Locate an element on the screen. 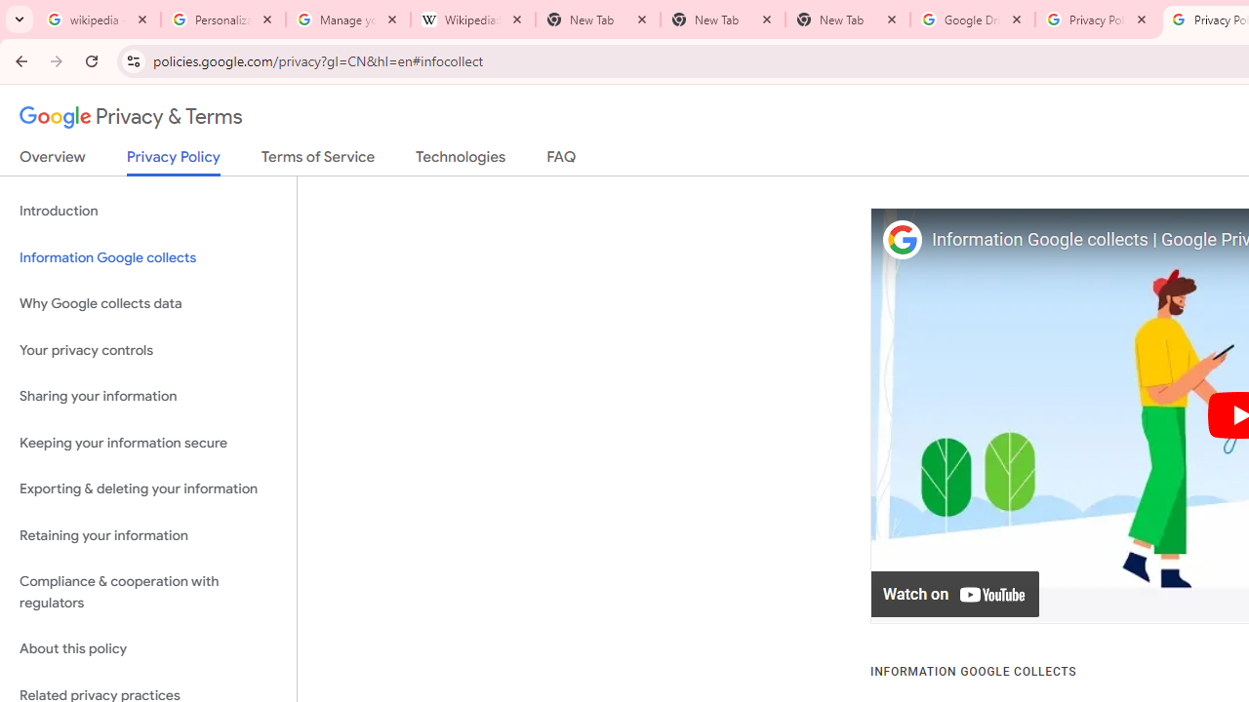  'Information Google collects' is located at coordinates (147, 256).